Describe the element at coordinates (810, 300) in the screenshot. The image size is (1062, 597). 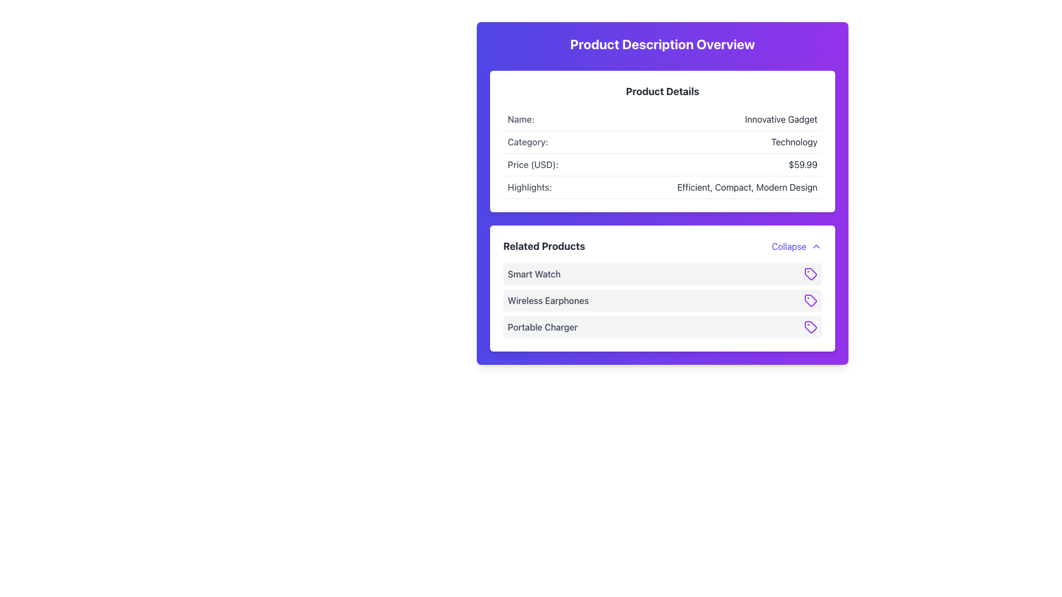
I see `the third icon in the vertical list representing the 'Portable Charger' product in the 'Related Products' section` at that location.